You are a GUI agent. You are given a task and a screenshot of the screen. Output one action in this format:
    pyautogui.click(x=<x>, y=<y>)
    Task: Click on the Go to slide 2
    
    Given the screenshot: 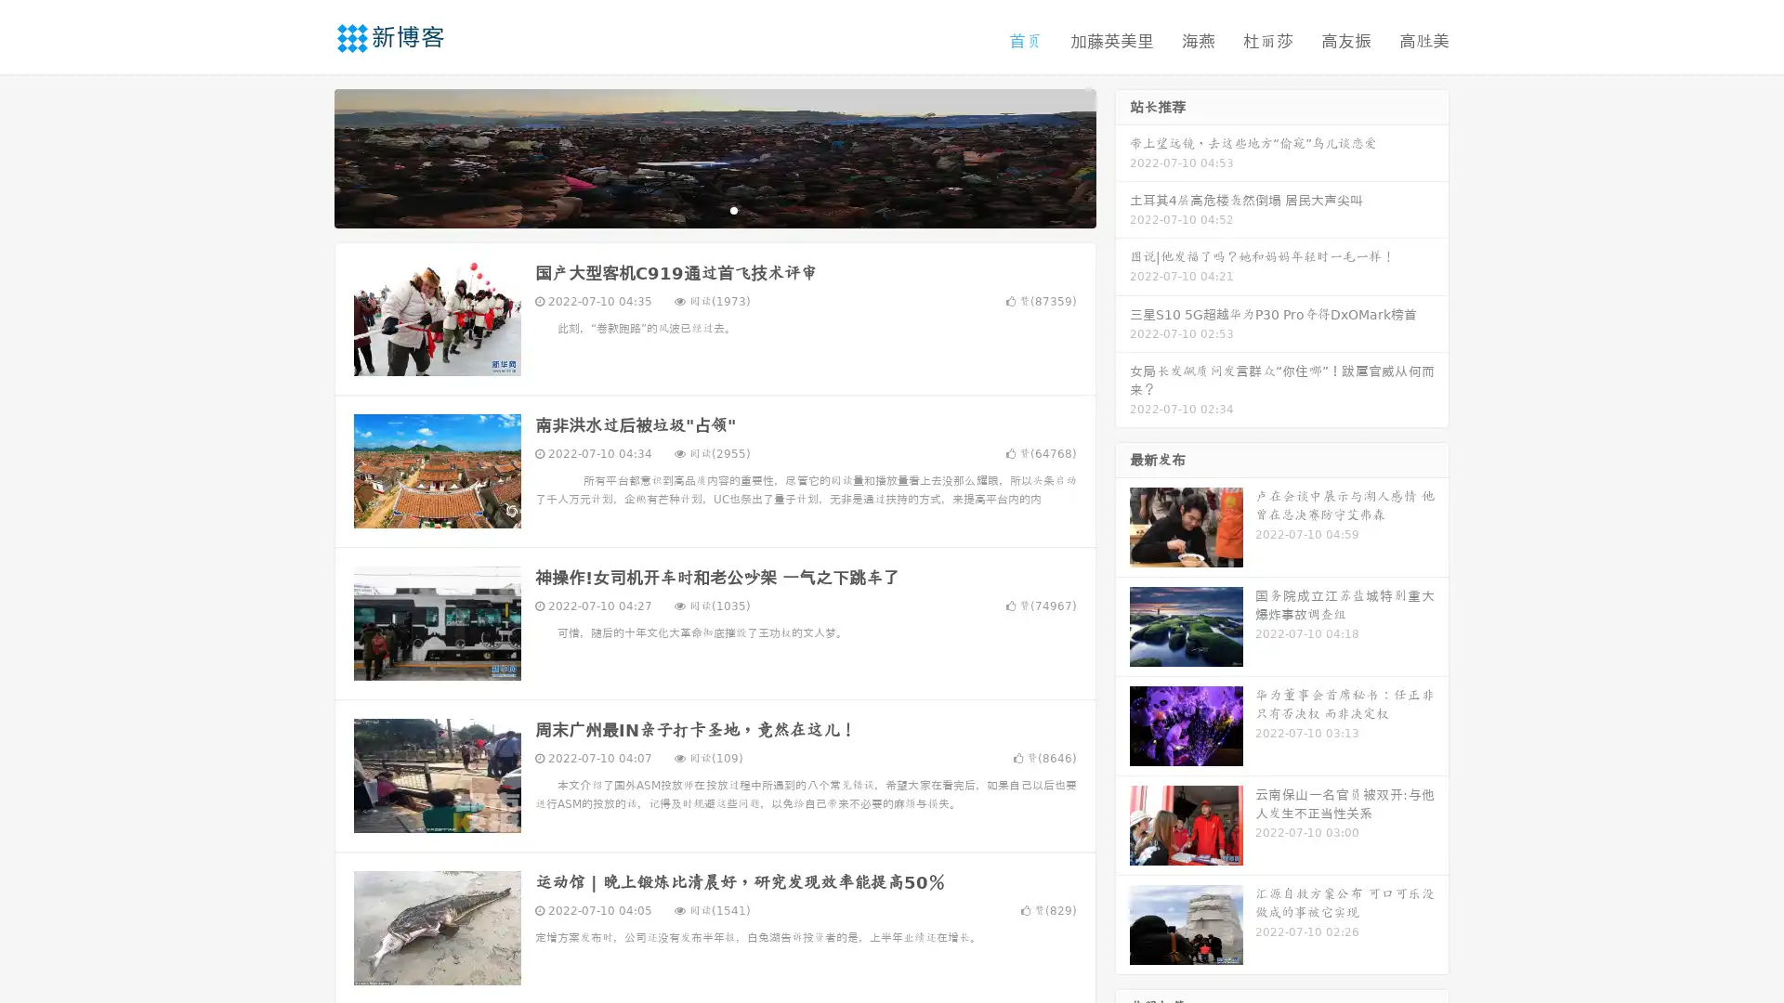 What is the action you would take?
    pyautogui.click(x=714, y=209)
    